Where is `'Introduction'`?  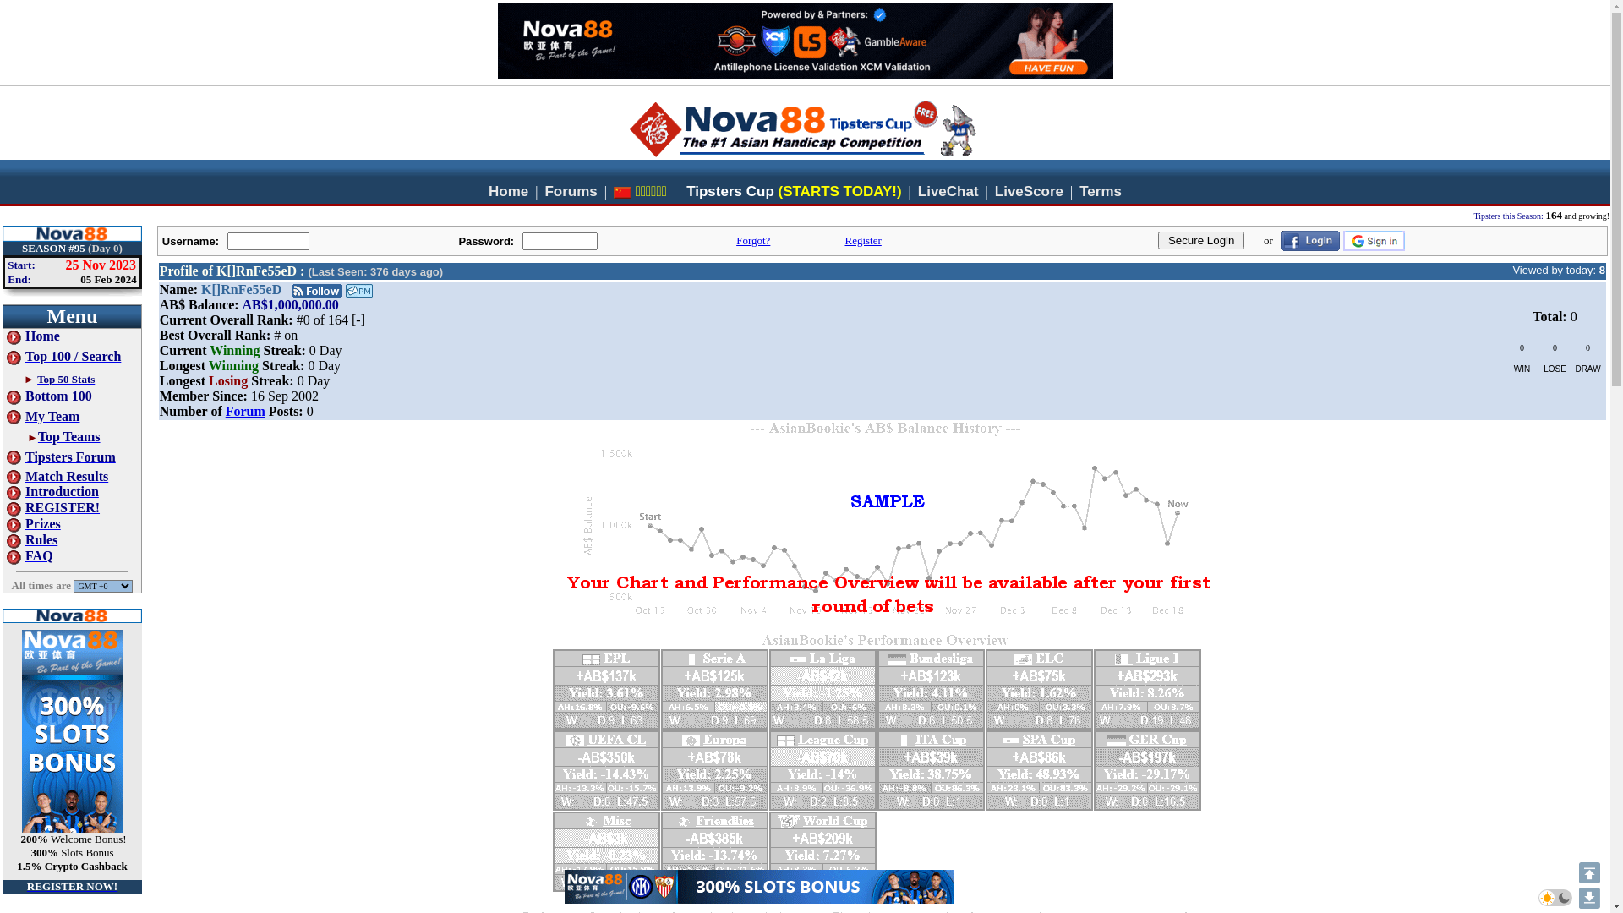 'Introduction' is located at coordinates (7, 491).